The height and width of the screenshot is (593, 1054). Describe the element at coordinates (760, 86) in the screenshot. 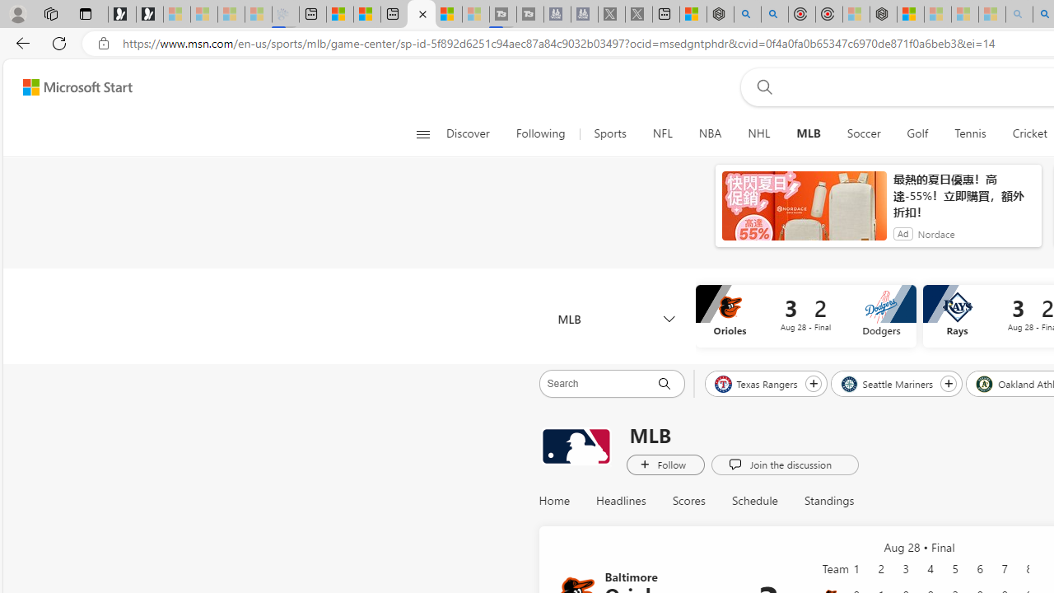

I see `'Web search'` at that location.